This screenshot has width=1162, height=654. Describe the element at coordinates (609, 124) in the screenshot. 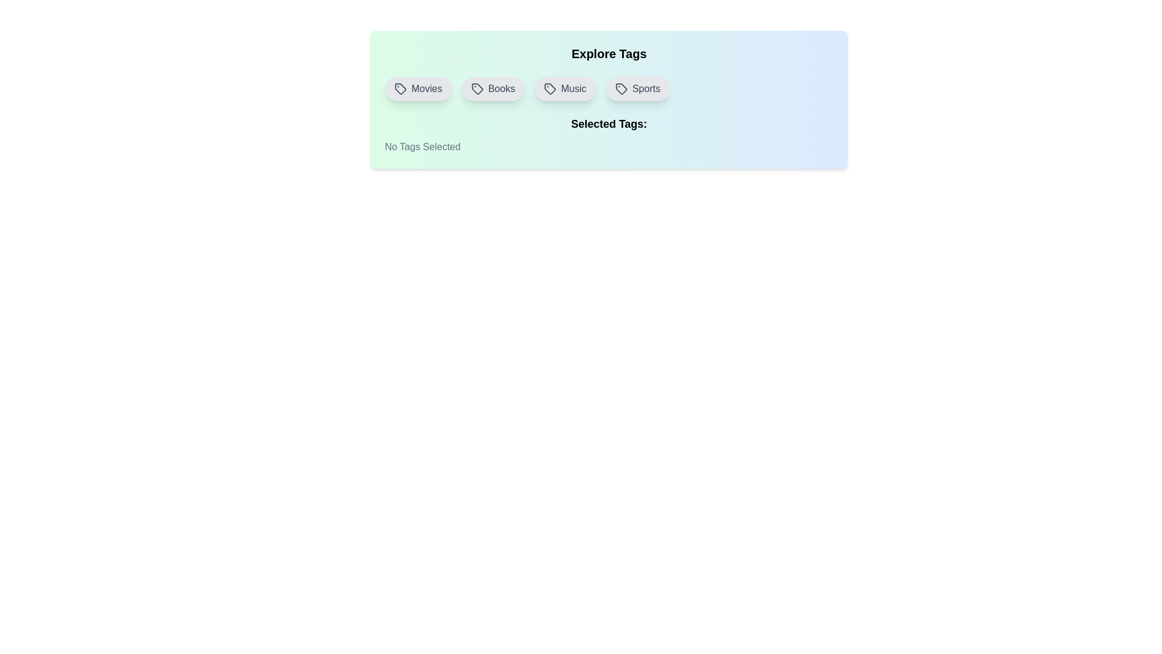

I see `the informational label indicating the title for the section displaying selected tags, located above the text 'No Tags Selected'` at that location.